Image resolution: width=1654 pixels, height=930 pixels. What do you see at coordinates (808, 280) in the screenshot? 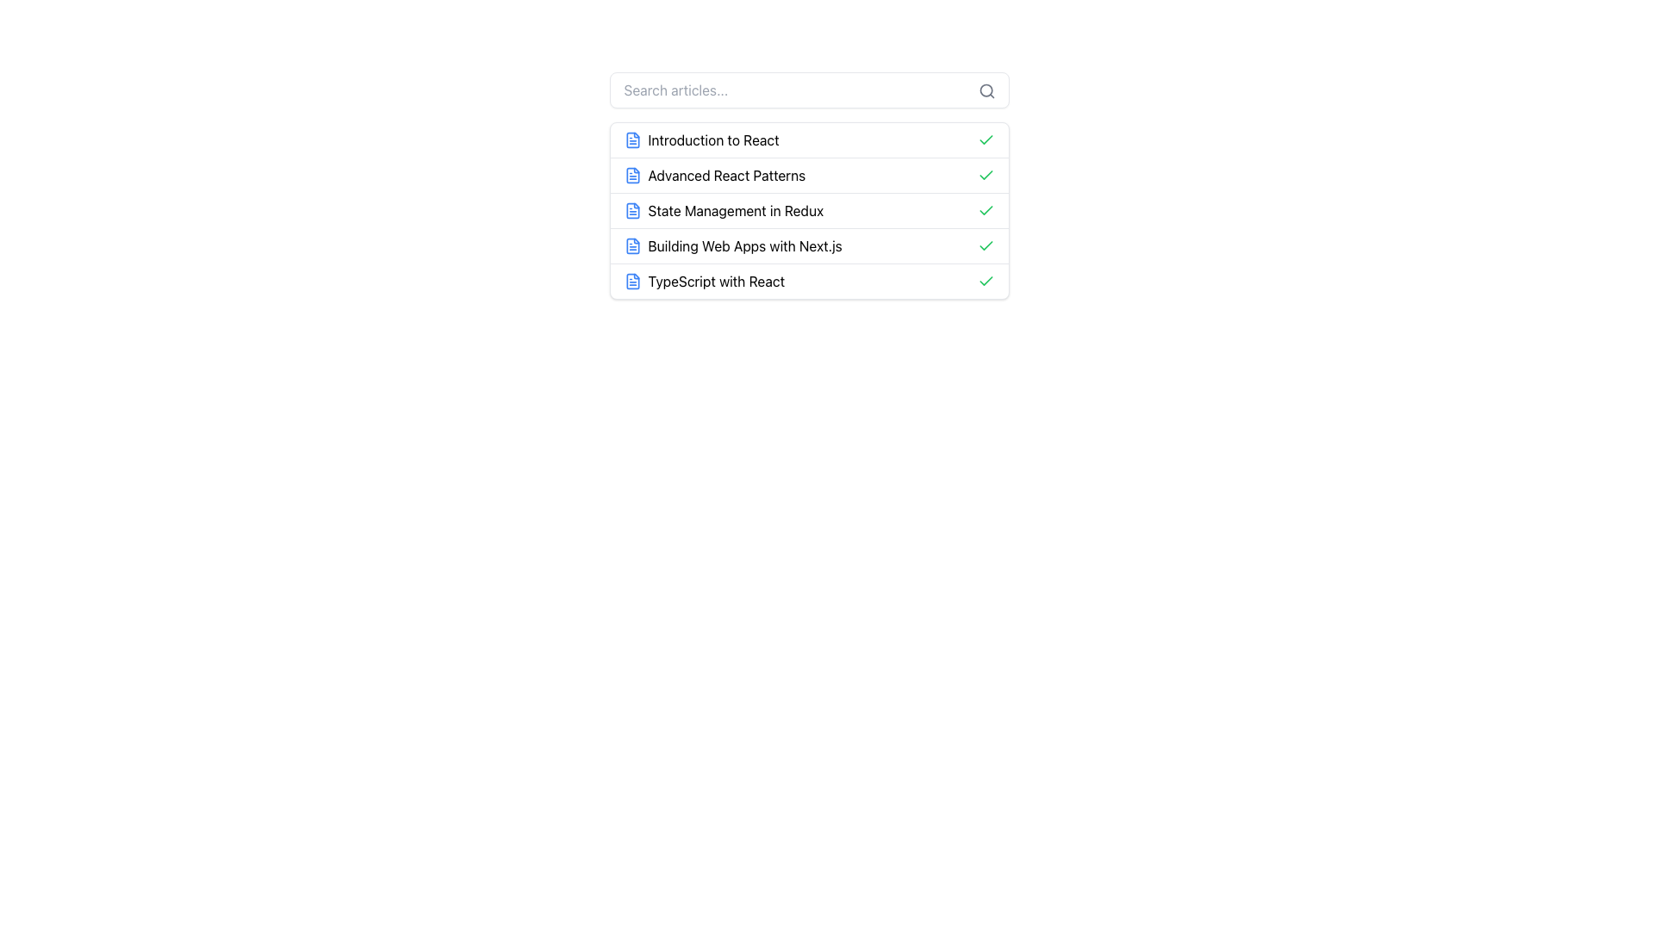
I see `the fifth item in the list, labeled 'TypeScript with React'` at bounding box center [808, 280].